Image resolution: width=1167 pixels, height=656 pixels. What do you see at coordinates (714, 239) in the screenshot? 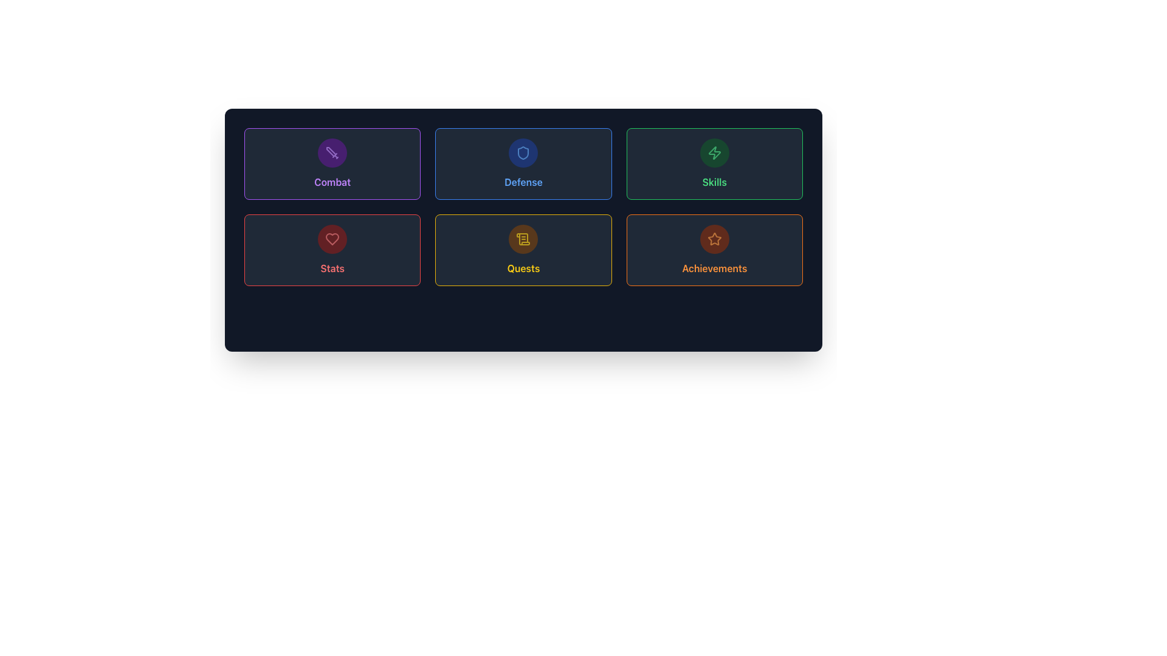
I see `the star icon with an orange border located in the bottom right section under the 'Achievements' category` at bounding box center [714, 239].